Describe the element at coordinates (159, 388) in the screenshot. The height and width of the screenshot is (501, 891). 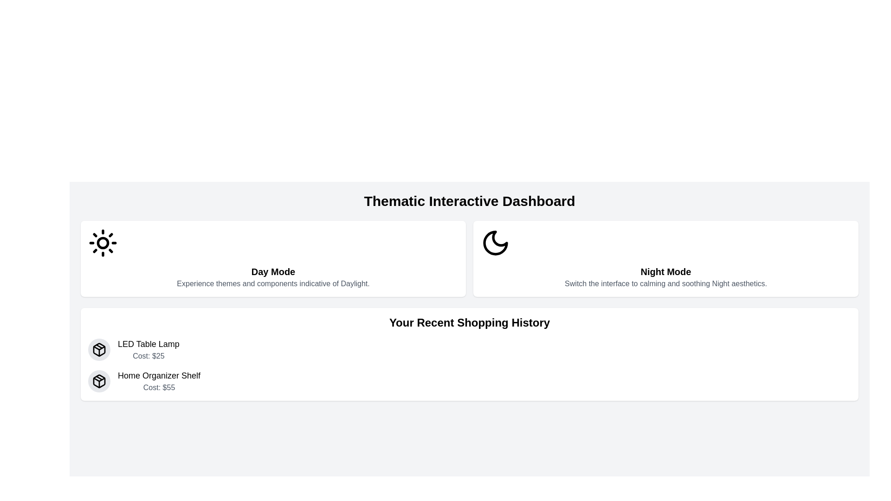
I see `the price text label for the product 'Home Organizer Shelf' located in the 'Your Recent Shopping History' section` at that location.